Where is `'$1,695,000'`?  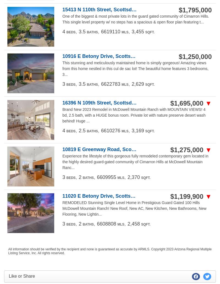
'$1,695,000' is located at coordinates (188, 103).